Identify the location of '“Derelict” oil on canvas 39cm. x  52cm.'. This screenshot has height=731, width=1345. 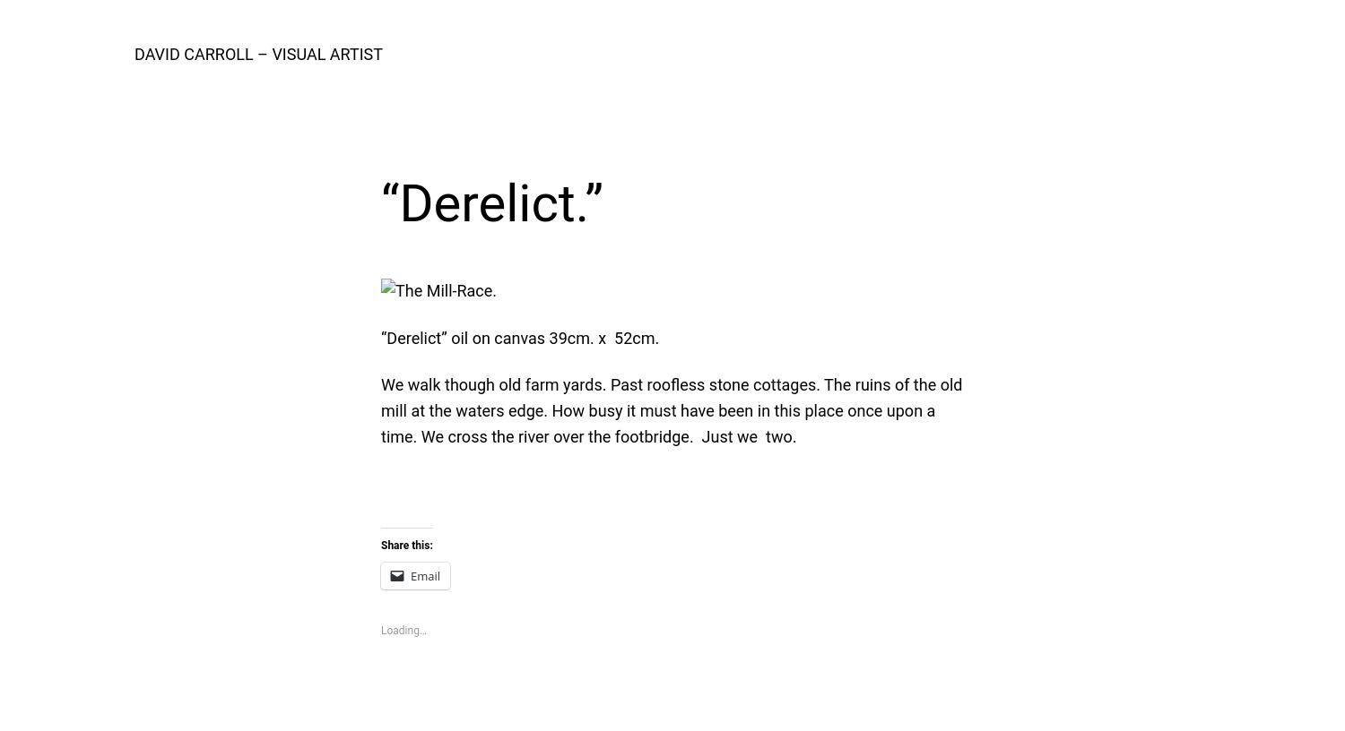
(519, 337).